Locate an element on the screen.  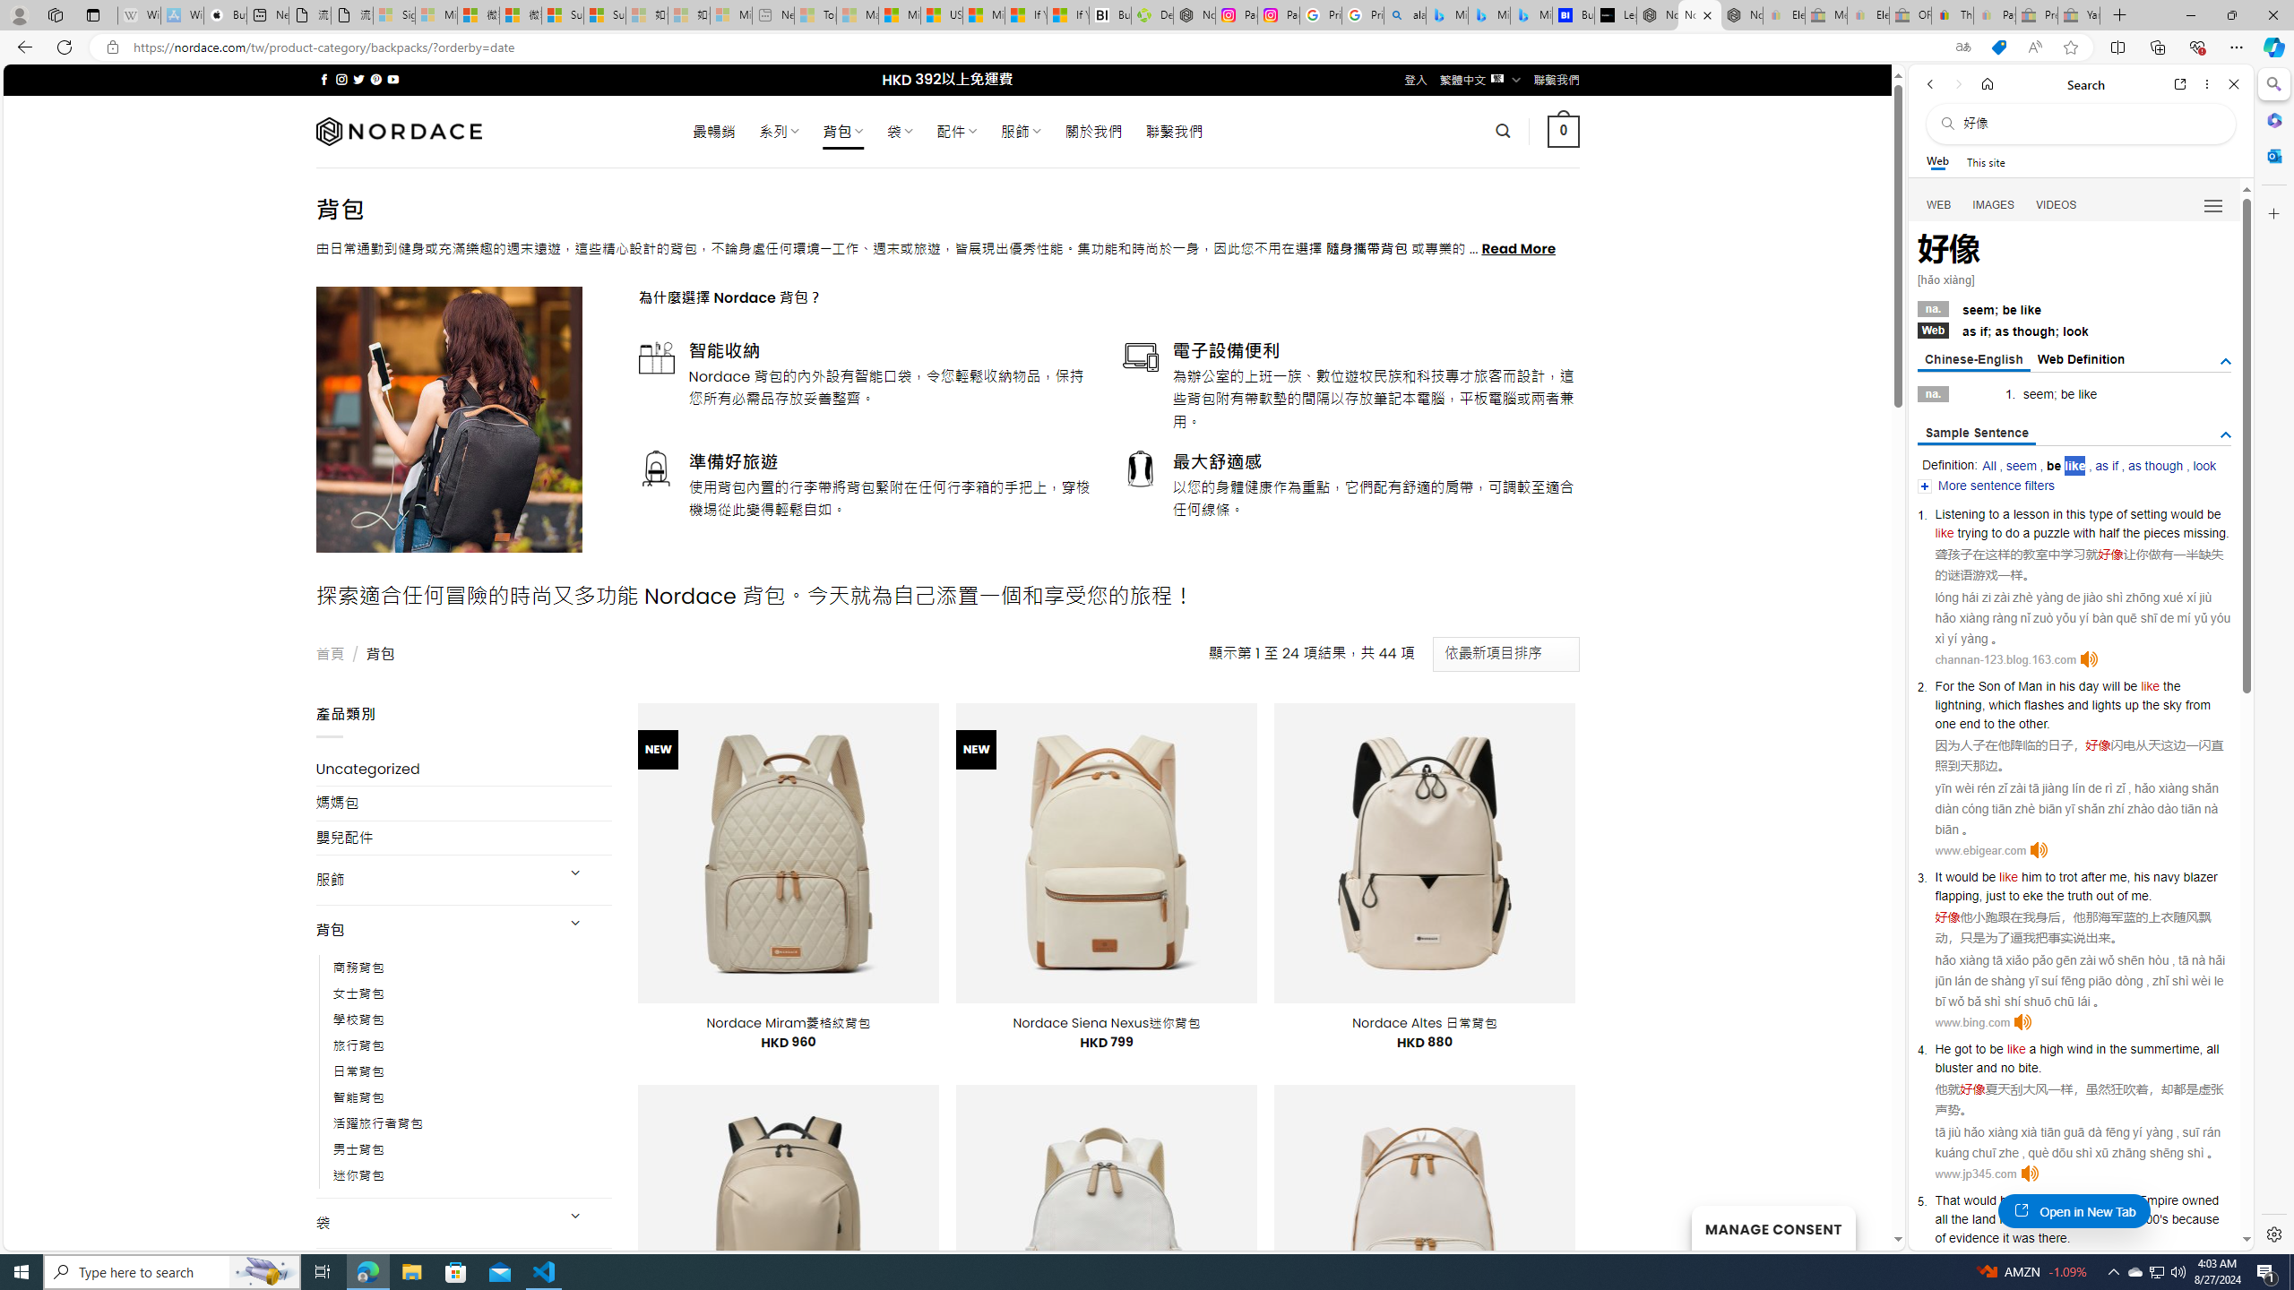
'just' is located at coordinates (1996, 895).